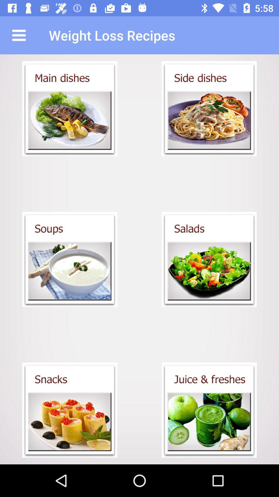  I want to click on item below weight loss recipes icon, so click(209, 108).